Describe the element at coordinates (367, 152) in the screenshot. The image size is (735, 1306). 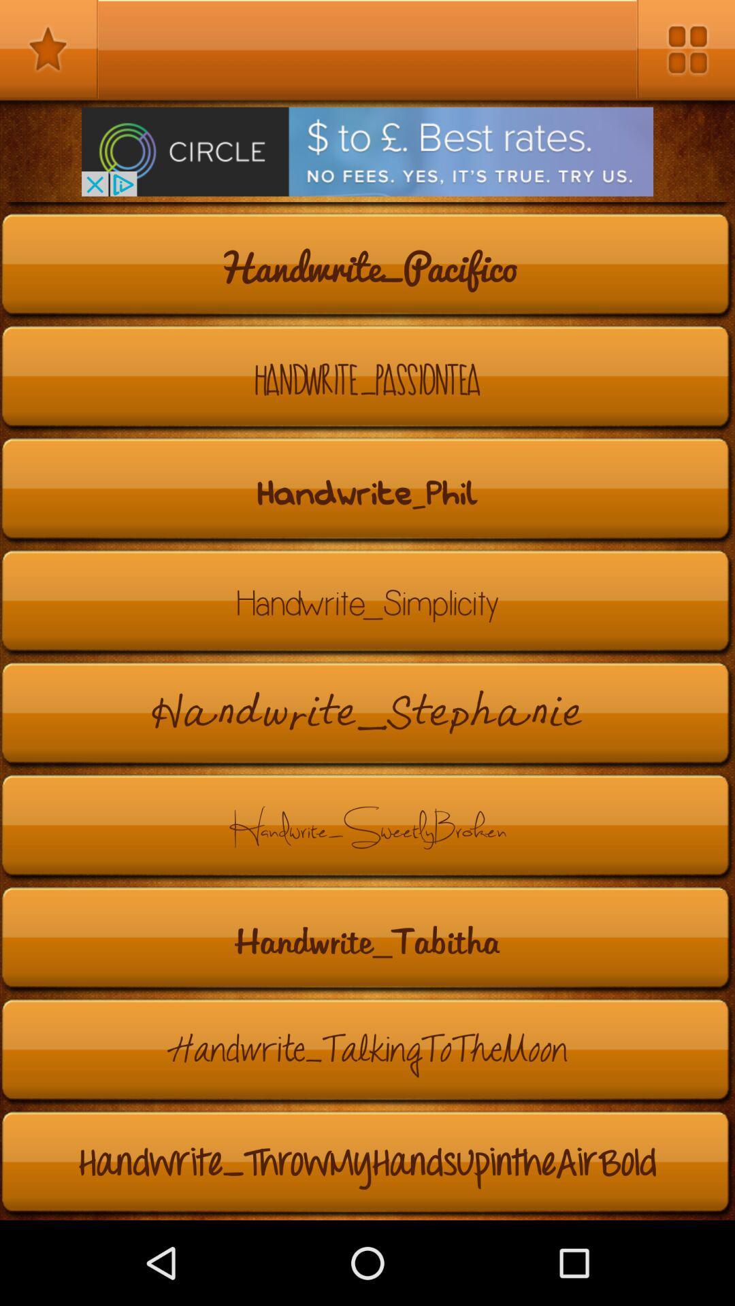
I see `advertising` at that location.